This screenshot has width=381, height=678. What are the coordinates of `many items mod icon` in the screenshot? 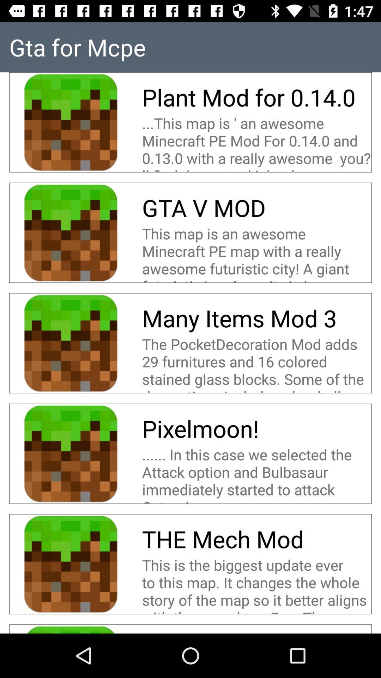 It's located at (242, 318).